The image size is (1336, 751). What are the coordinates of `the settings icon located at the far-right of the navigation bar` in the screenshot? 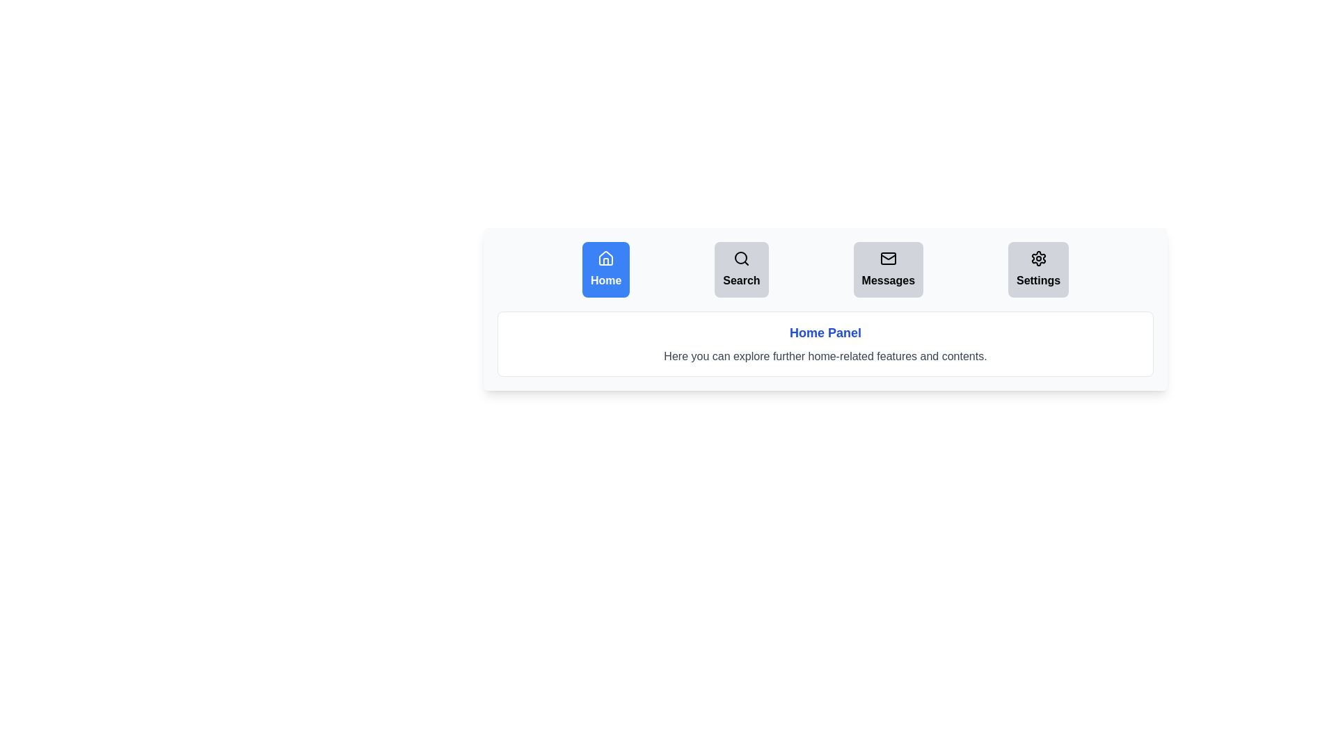 It's located at (1038, 258).